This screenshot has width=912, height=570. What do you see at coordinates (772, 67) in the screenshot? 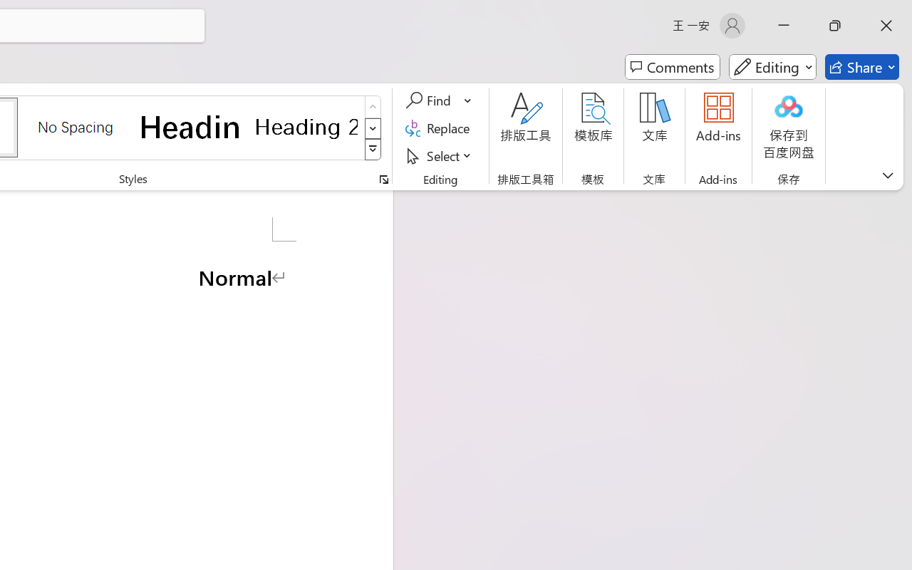
I see `'Mode'` at bounding box center [772, 67].